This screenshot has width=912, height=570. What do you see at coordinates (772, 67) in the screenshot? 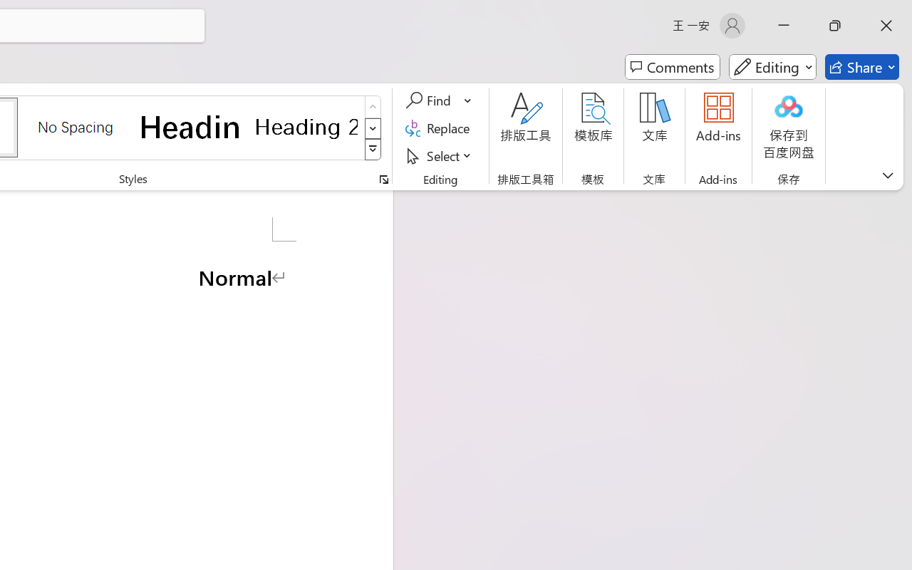
I see `'Mode'` at bounding box center [772, 67].